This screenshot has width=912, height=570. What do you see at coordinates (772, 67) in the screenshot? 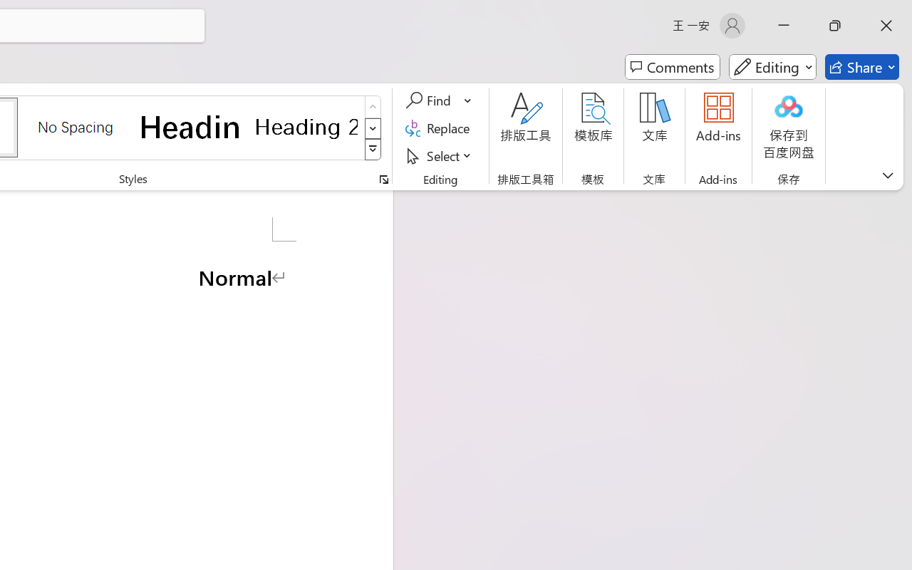
I see `'Mode'` at bounding box center [772, 67].